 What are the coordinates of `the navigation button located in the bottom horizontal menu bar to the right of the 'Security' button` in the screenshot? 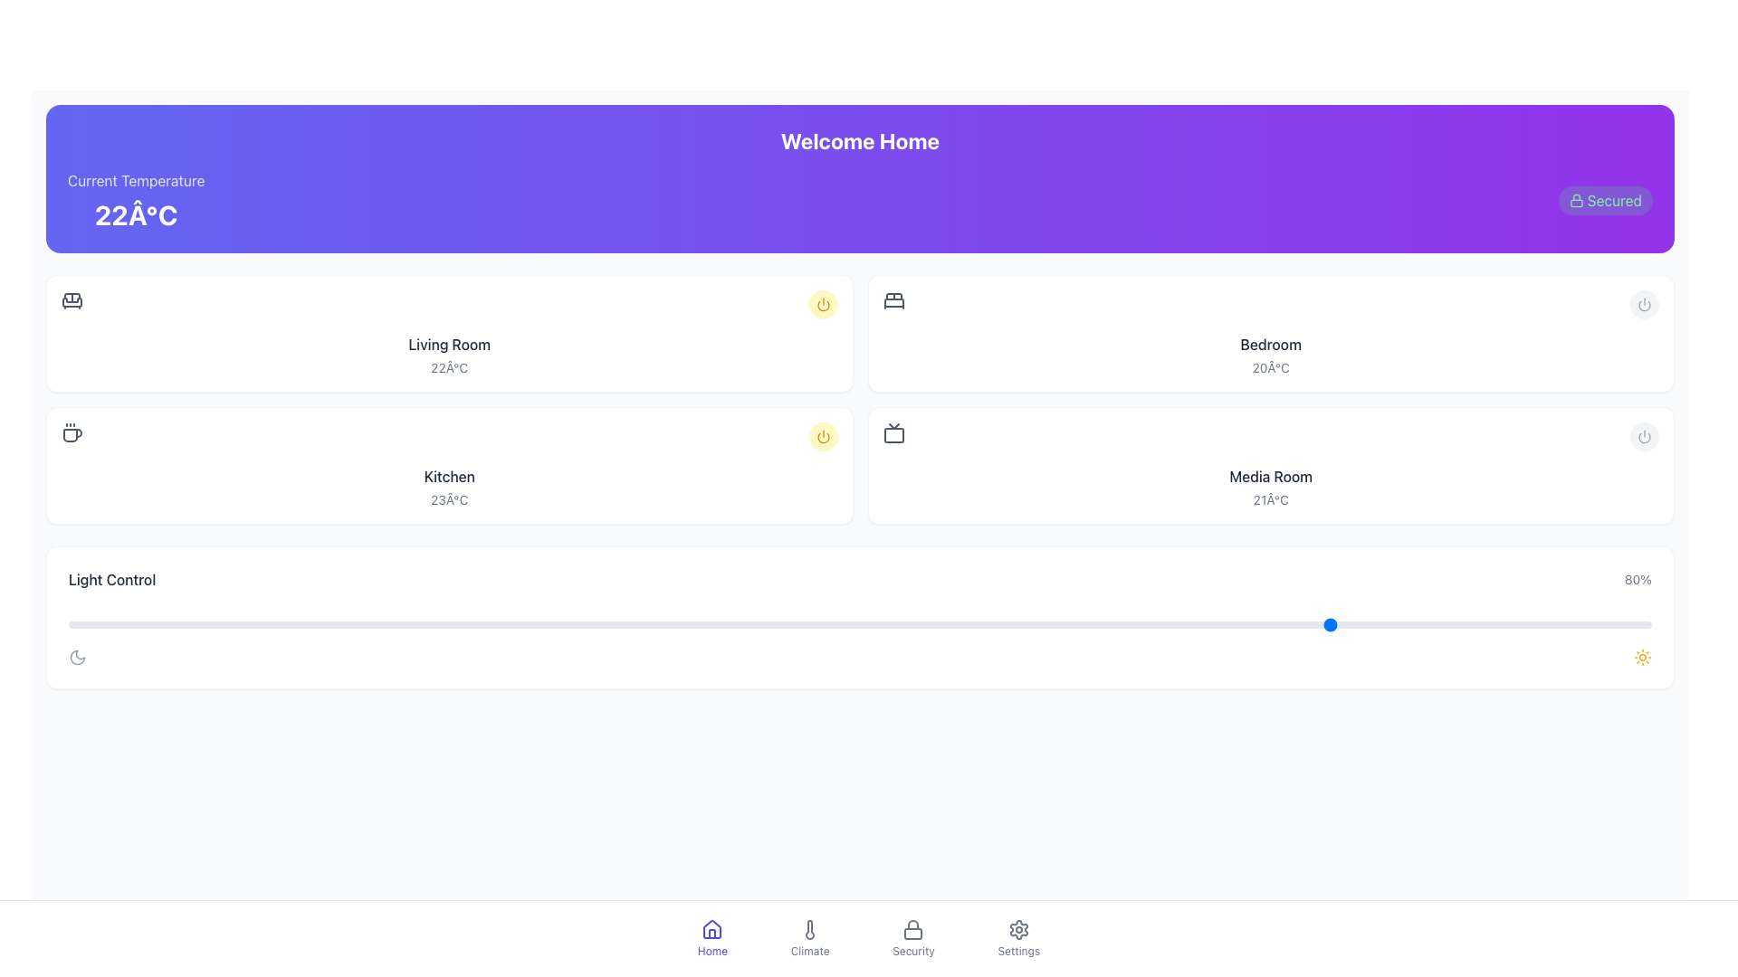 It's located at (1018, 937).